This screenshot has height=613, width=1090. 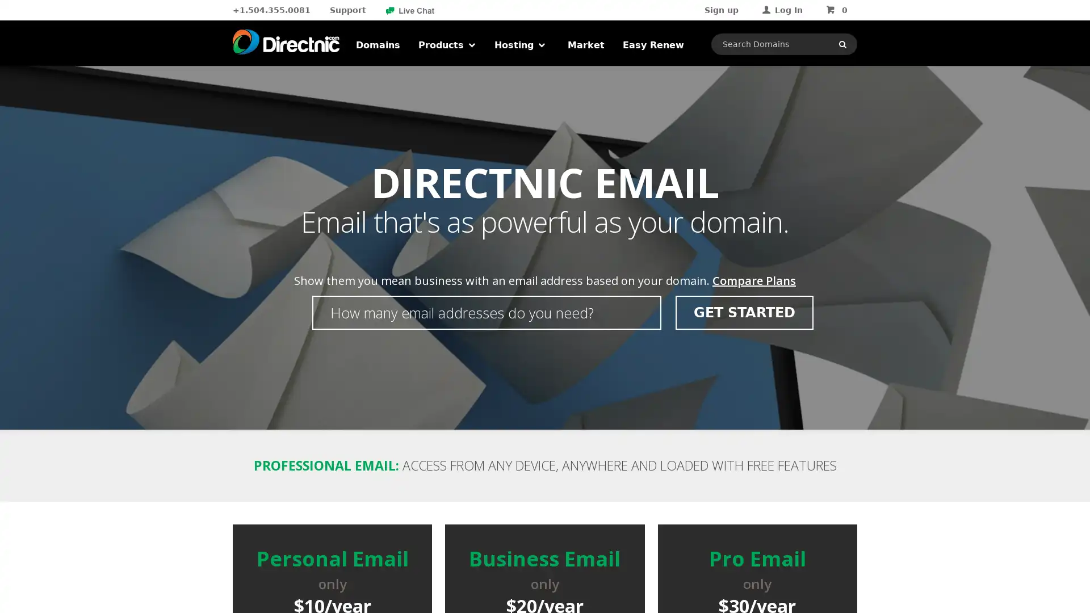 What do you see at coordinates (744, 312) in the screenshot?
I see `GET STARTED` at bounding box center [744, 312].